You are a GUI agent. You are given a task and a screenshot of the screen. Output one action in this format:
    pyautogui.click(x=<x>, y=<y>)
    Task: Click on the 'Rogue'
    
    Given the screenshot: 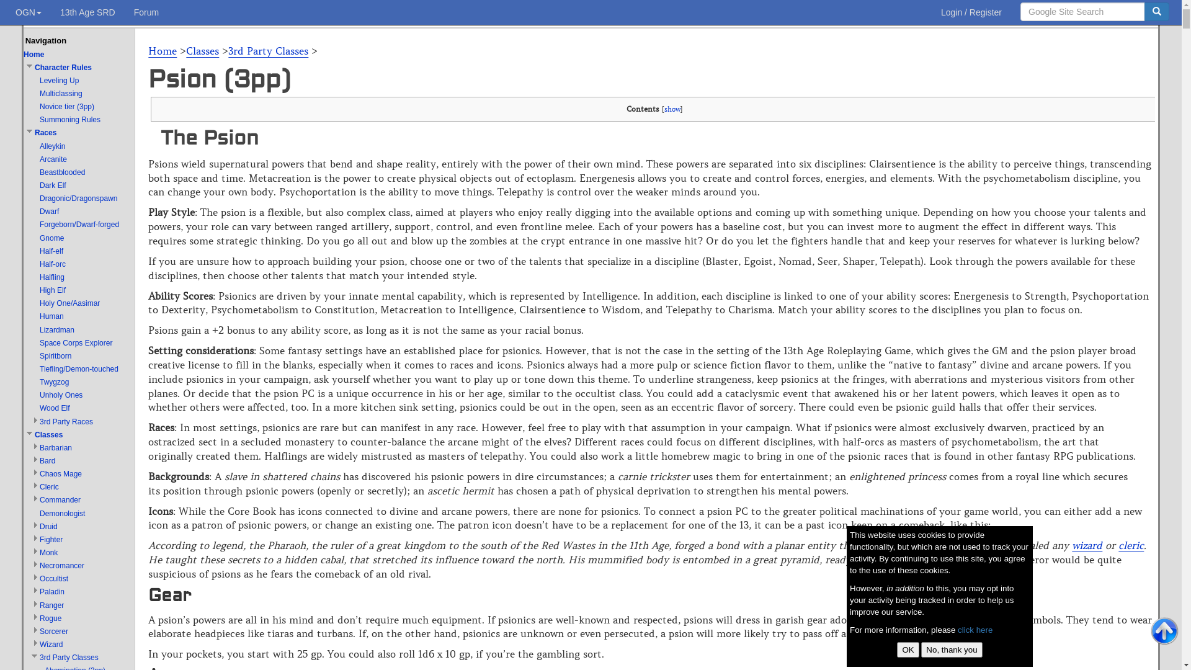 What is the action you would take?
    pyautogui.click(x=50, y=618)
    